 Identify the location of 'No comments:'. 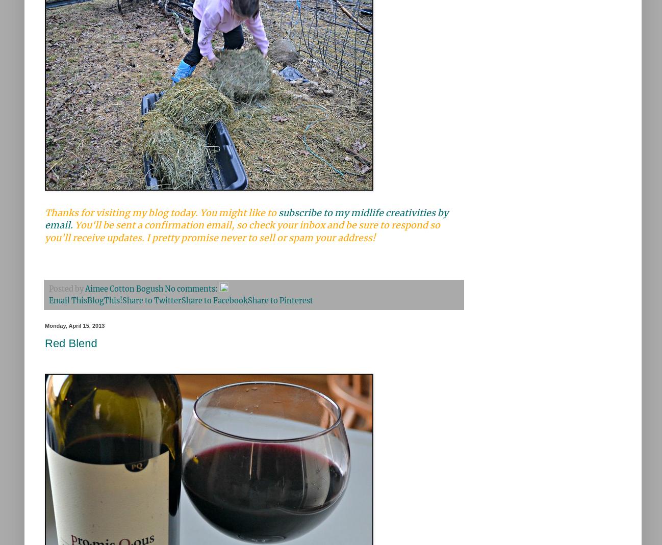
(192, 289).